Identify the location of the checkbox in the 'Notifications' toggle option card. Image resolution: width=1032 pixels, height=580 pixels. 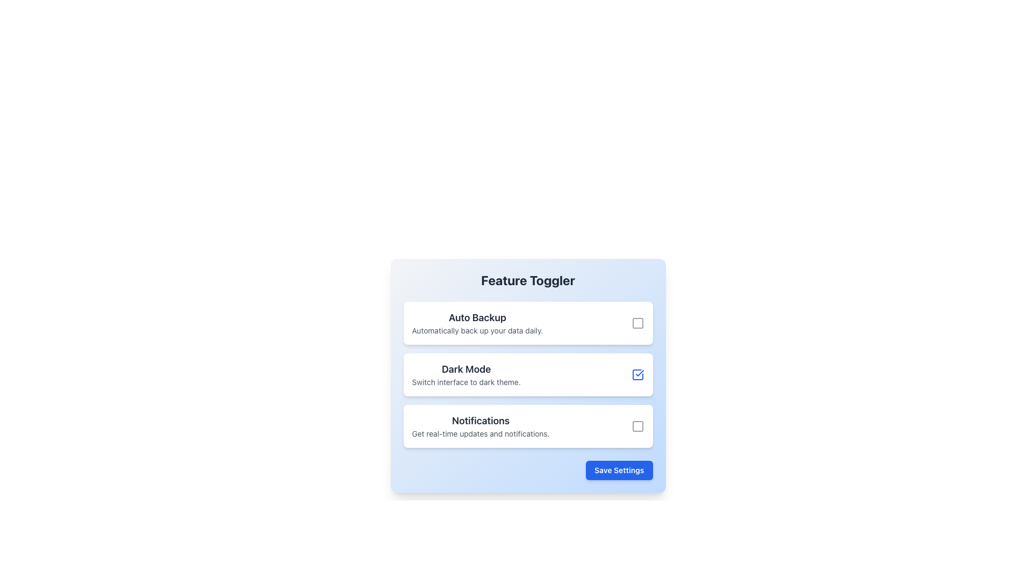
(528, 426).